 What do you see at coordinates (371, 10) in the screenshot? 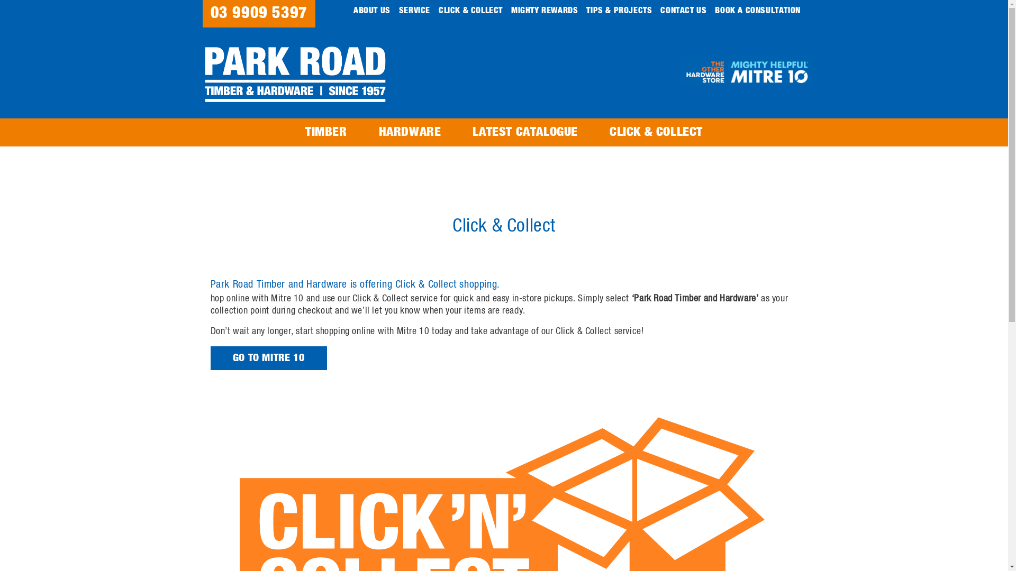
I see `'ABOUT US'` at bounding box center [371, 10].